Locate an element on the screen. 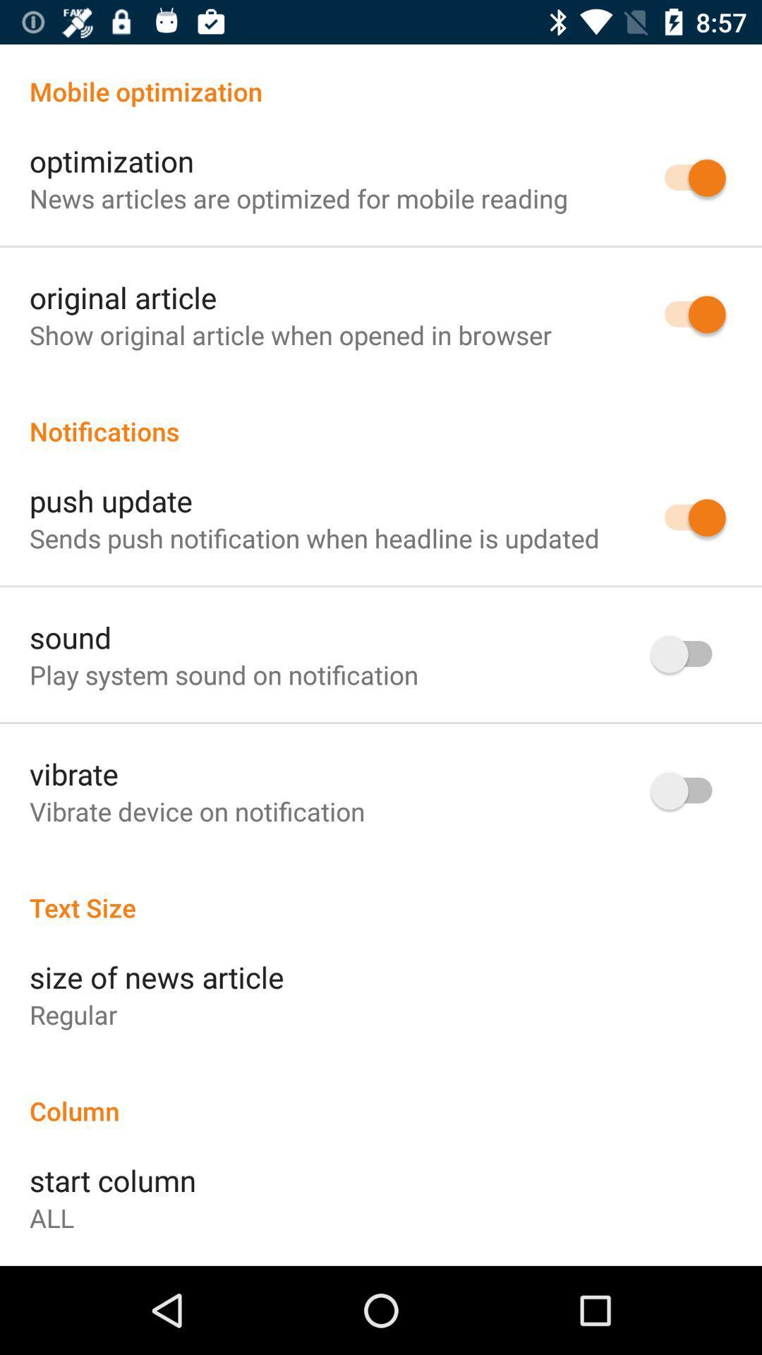 The height and width of the screenshot is (1355, 762). mobile optimization app is located at coordinates (381, 76).